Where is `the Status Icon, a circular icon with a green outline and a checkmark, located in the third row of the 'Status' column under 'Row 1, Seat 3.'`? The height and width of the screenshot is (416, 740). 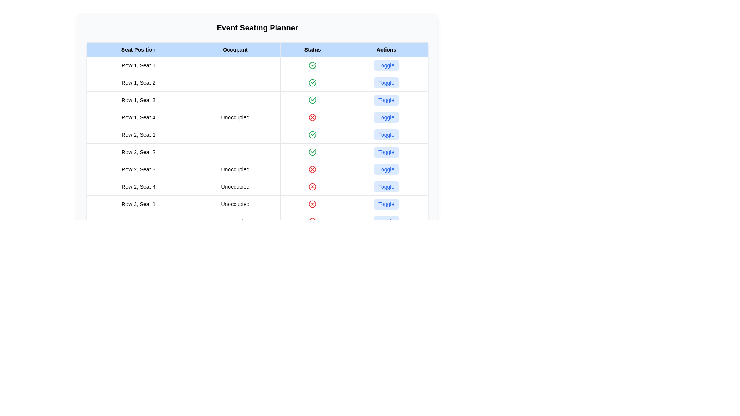 the Status Icon, a circular icon with a green outline and a checkmark, located in the third row of the 'Status' column under 'Row 1, Seat 3.' is located at coordinates (313, 99).